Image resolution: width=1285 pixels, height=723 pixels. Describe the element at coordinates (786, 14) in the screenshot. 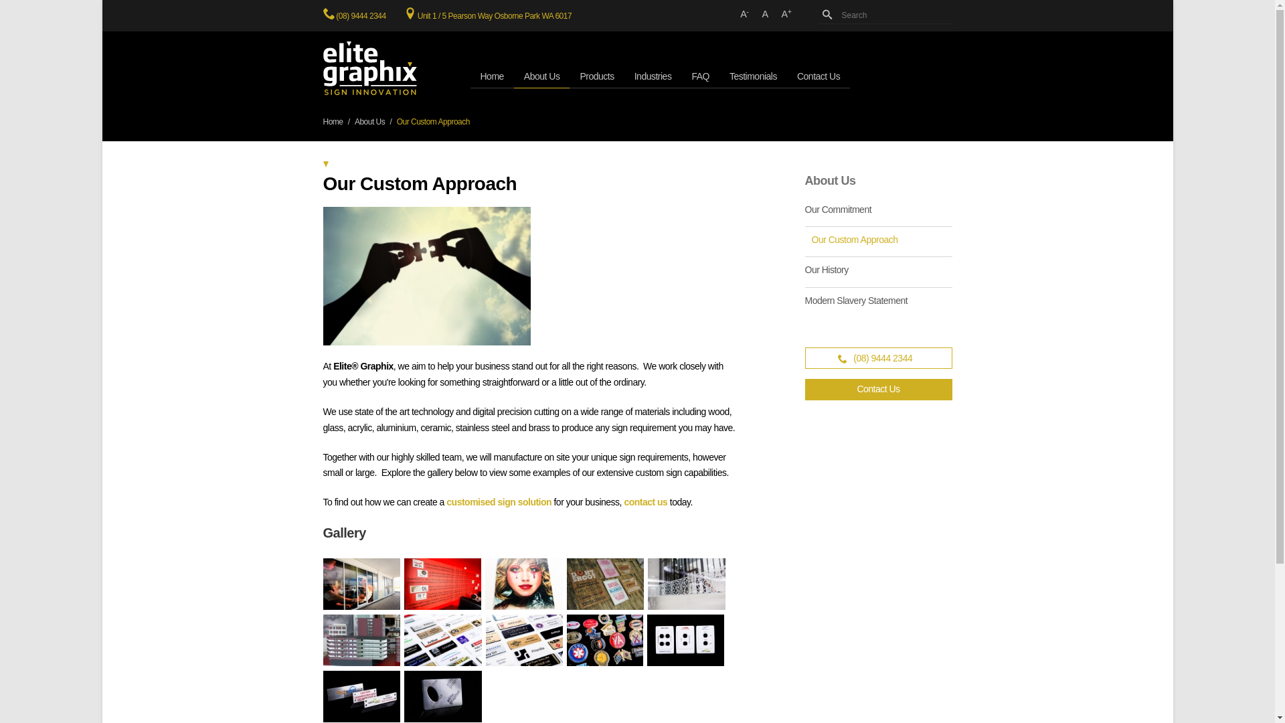

I see `'A+'` at that location.